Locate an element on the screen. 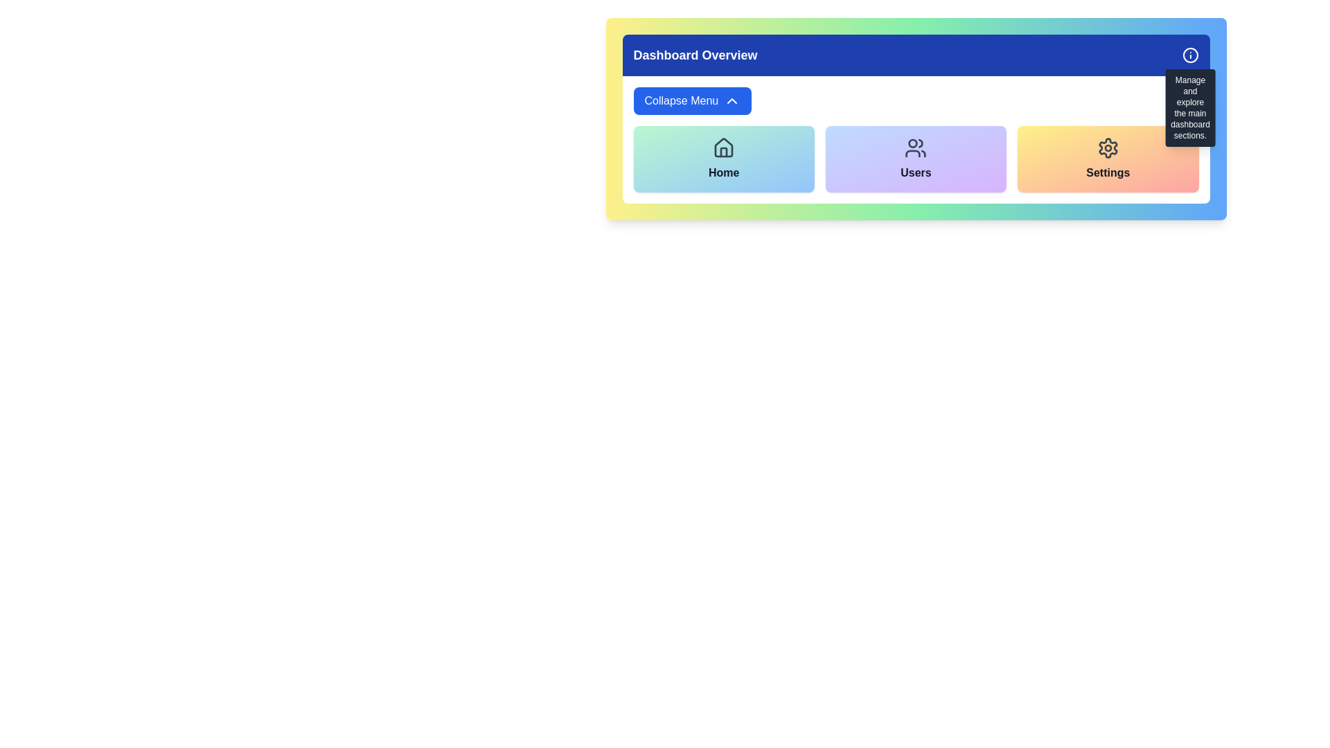 Image resolution: width=1330 pixels, height=748 pixels. the triangular upward-pointing icon that resembles a chevron, located to the right of the 'Collapse Menu' button in the top-left region of the interface is located at coordinates (731, 100).